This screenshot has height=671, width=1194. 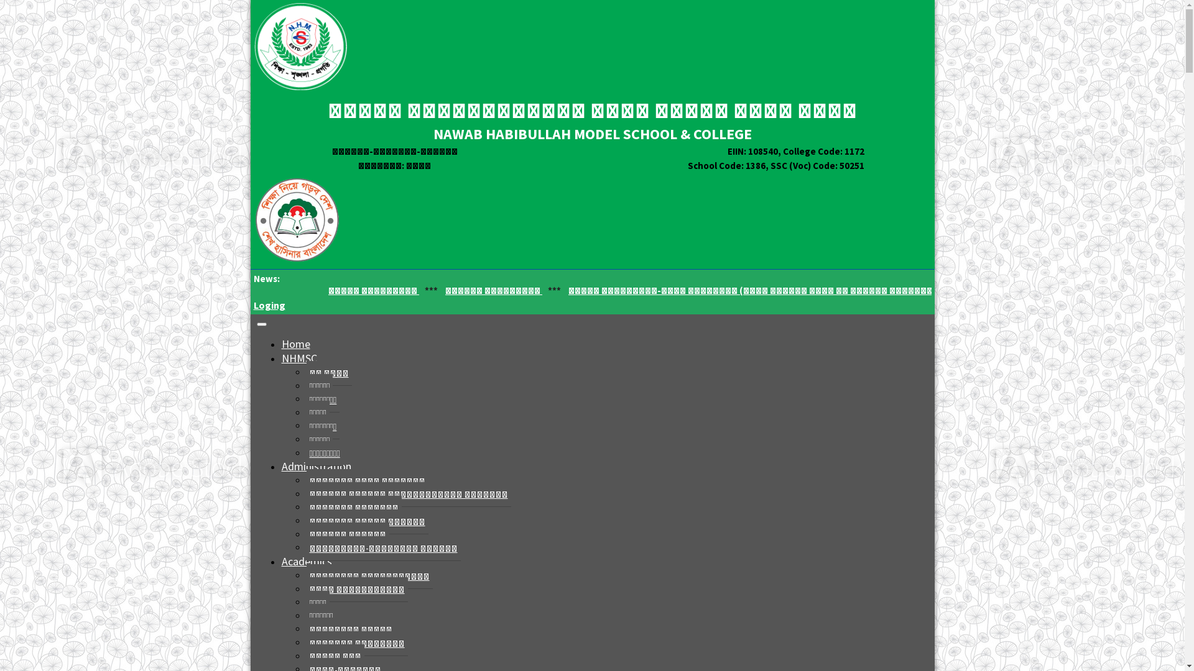 What do you see at coordinates (316, 466) in the screenshot?
I see `'Administration'` at bounding box center [316, 466].